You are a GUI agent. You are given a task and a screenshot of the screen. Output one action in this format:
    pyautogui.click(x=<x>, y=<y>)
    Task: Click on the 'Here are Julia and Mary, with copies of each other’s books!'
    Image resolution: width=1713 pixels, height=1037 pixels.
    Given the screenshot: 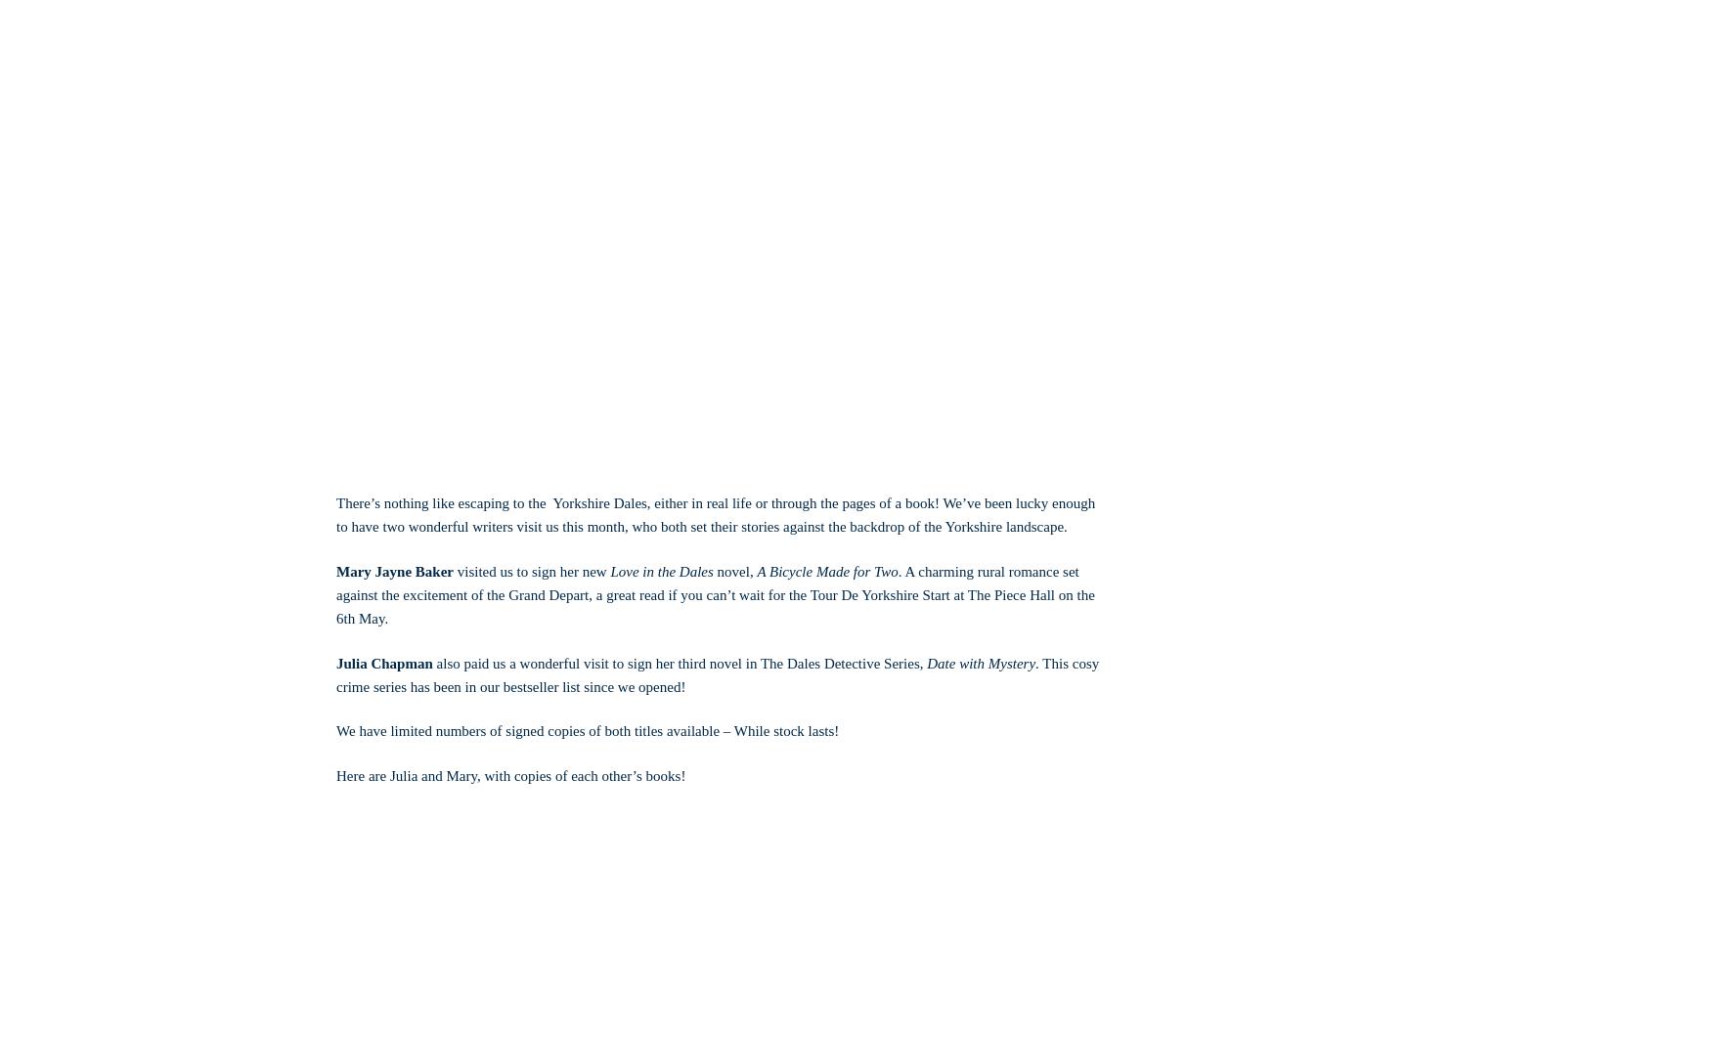 What is the action you would take?
    pyautogui.click(x=509, y=774)
    